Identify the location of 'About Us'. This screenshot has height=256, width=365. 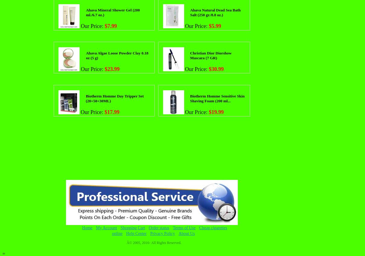
(186, 233).